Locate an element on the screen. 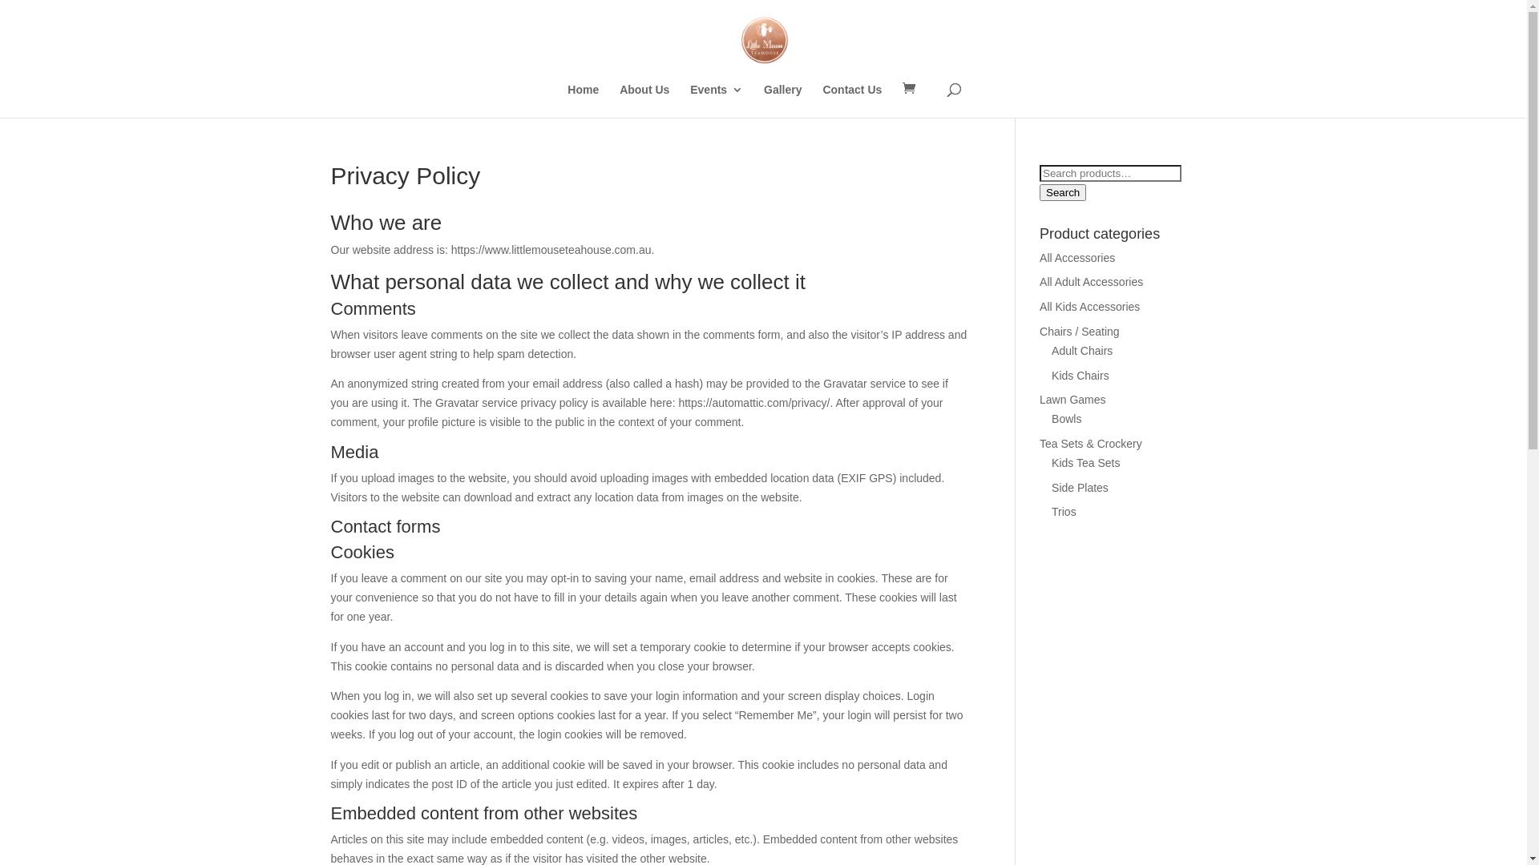 The width and height of the screenshot is (1539, 865). 'All Adult Accessories' is located at coordinates (1039, 280).